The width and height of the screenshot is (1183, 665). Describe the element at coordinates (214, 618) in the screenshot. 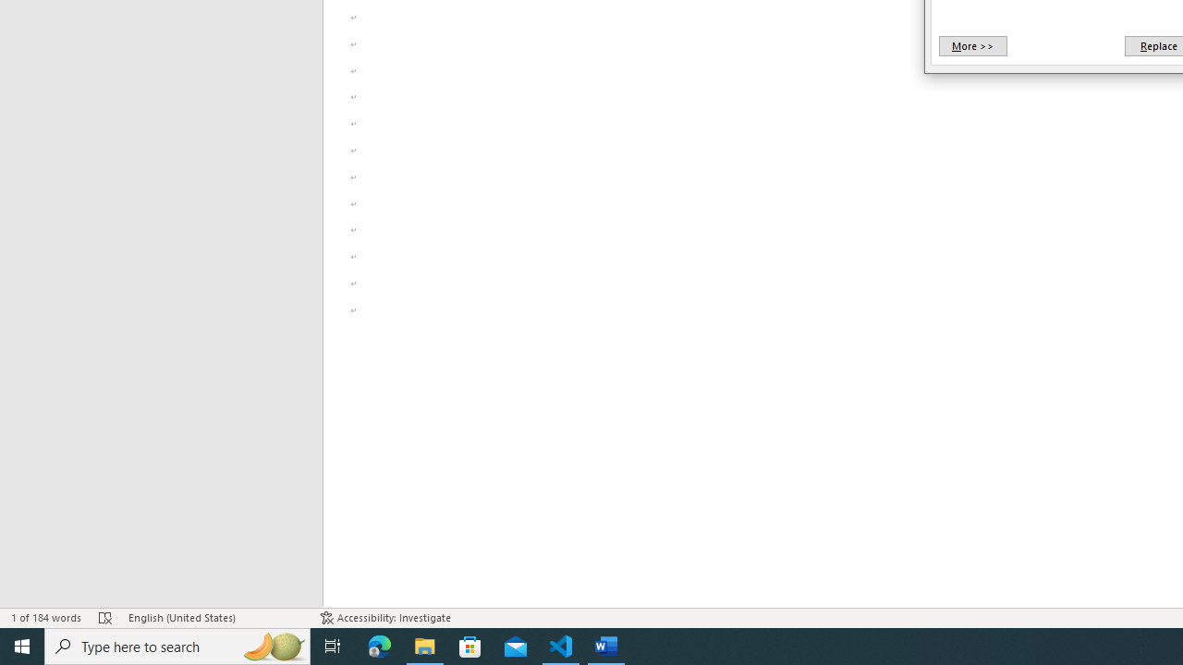

I see `'Language English (United States)'` at that location.